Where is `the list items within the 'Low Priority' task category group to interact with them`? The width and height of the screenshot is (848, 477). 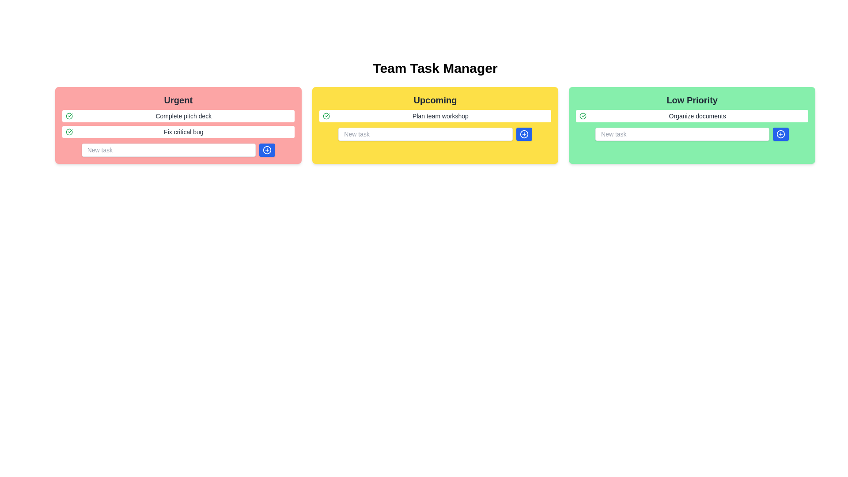 the list items within the 'Low Priority' task category group to interact with them is located at coordinates (691, 125).